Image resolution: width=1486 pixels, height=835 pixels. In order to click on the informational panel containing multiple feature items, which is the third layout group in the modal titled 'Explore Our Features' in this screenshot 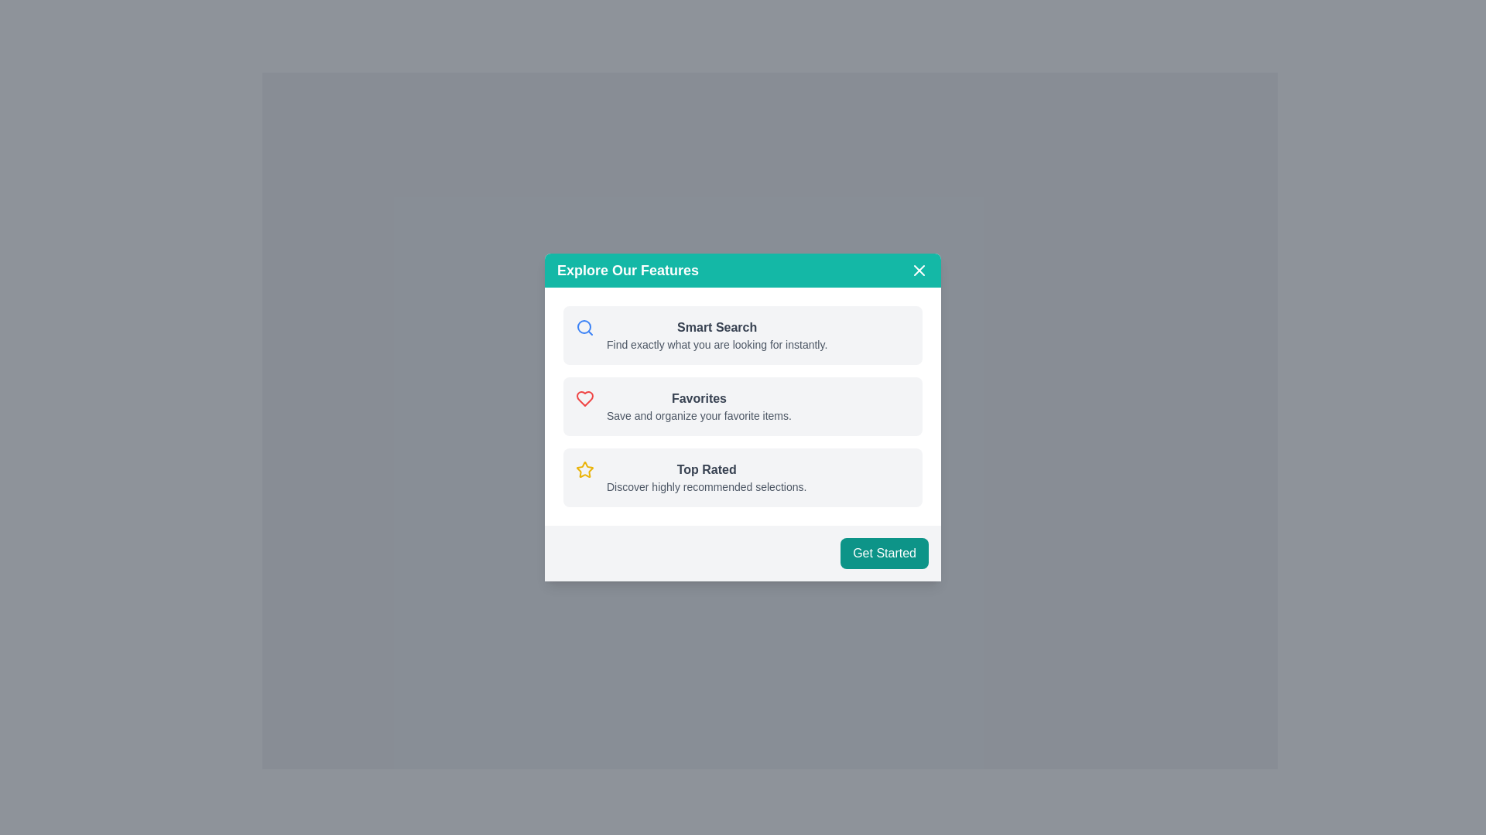, I will do `click(743, 405)`.